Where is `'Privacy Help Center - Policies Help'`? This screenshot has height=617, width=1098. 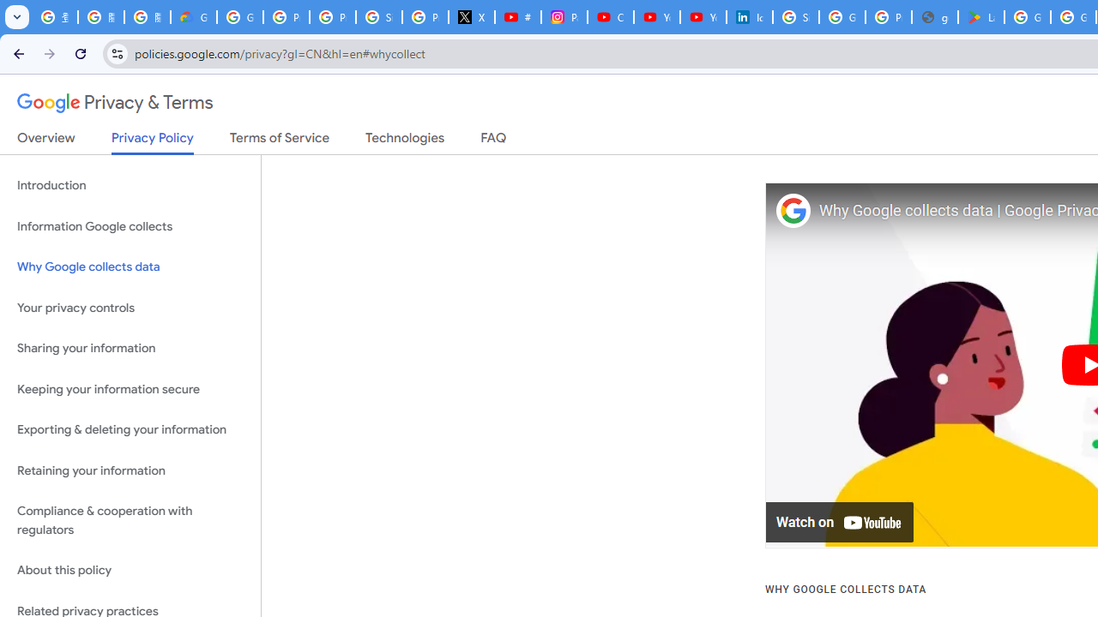 'Privacy Help Center - Policies Help' is located at coordinates (332, 17).